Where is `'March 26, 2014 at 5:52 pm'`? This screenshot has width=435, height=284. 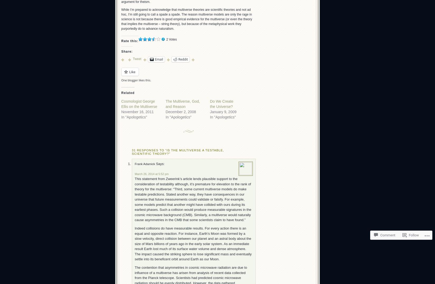
'March 26, 2014 at 5:52 pm' is located at coordinates (151, 173).